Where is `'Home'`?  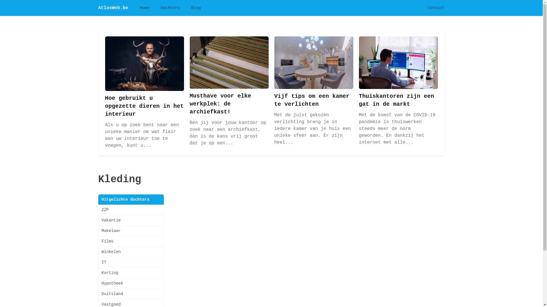
'Home' is located at coordinates (144, 8).